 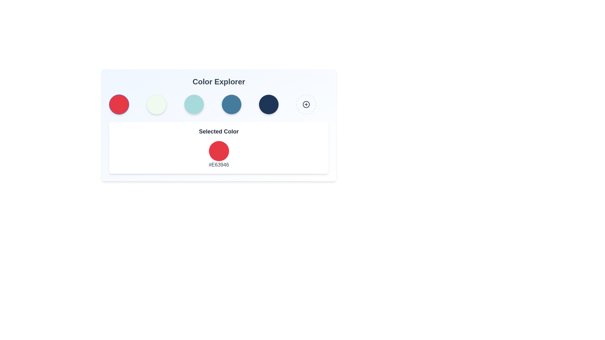 I want to click on the fifth selectable color circle in the grid layout, so click(x=269, y=104).